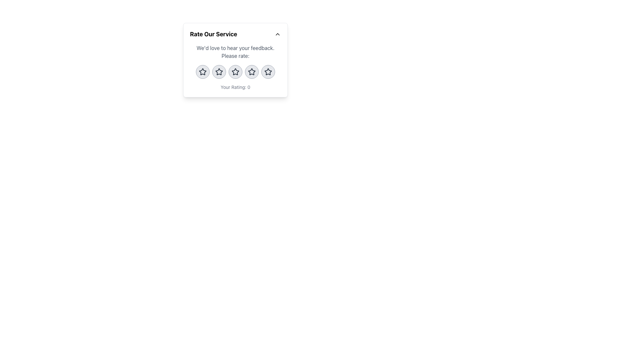  I want to click on the upward-pointing chevron icon button located next to the text 'Rate Our Service', so click(278, 34).